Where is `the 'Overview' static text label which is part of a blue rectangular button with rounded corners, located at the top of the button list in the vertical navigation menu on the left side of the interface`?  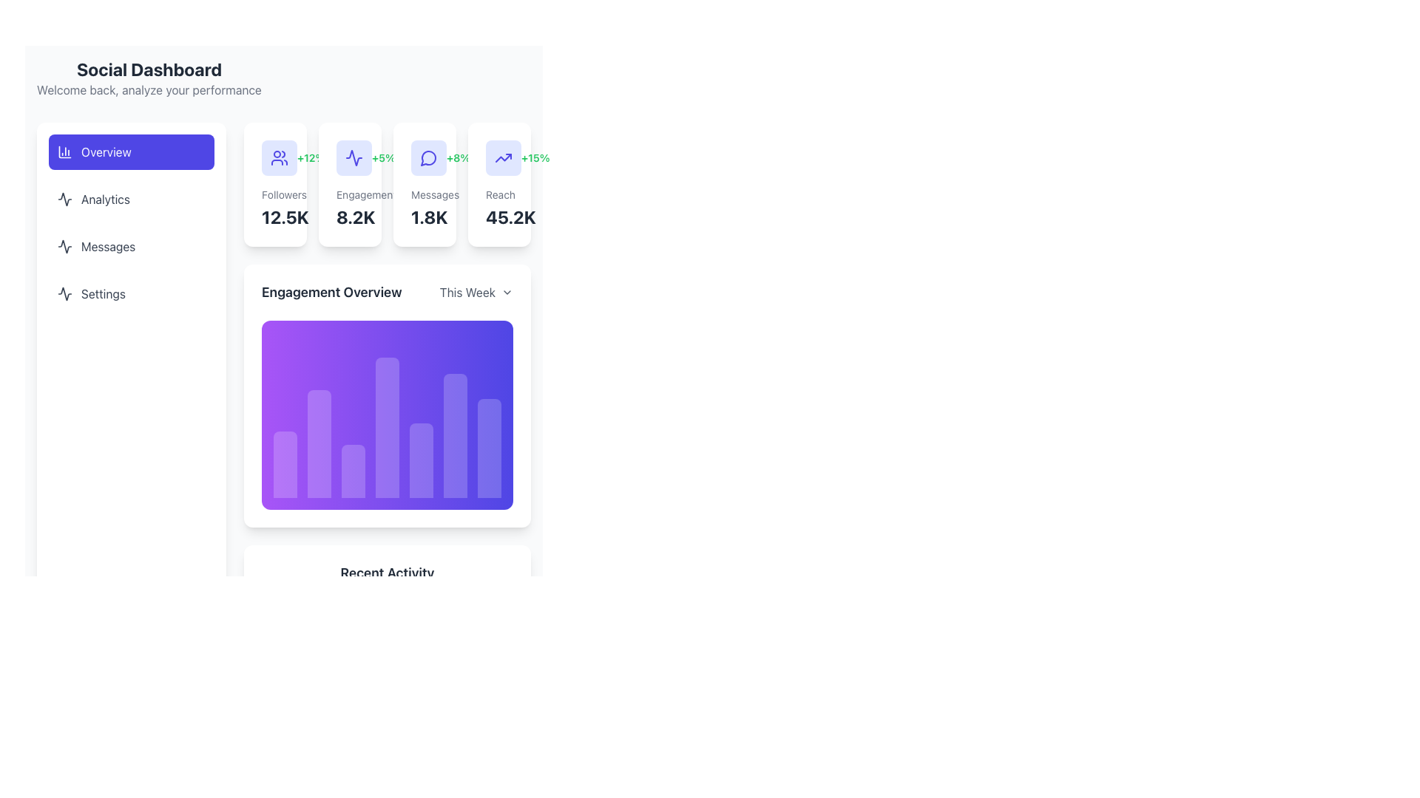 the 'Overview' static text label which is part of a blue rectangular button with rounded corners, located at the top of the button list in the vertical navigation menu on the left side of the interface is located at coordinates (105, 151).